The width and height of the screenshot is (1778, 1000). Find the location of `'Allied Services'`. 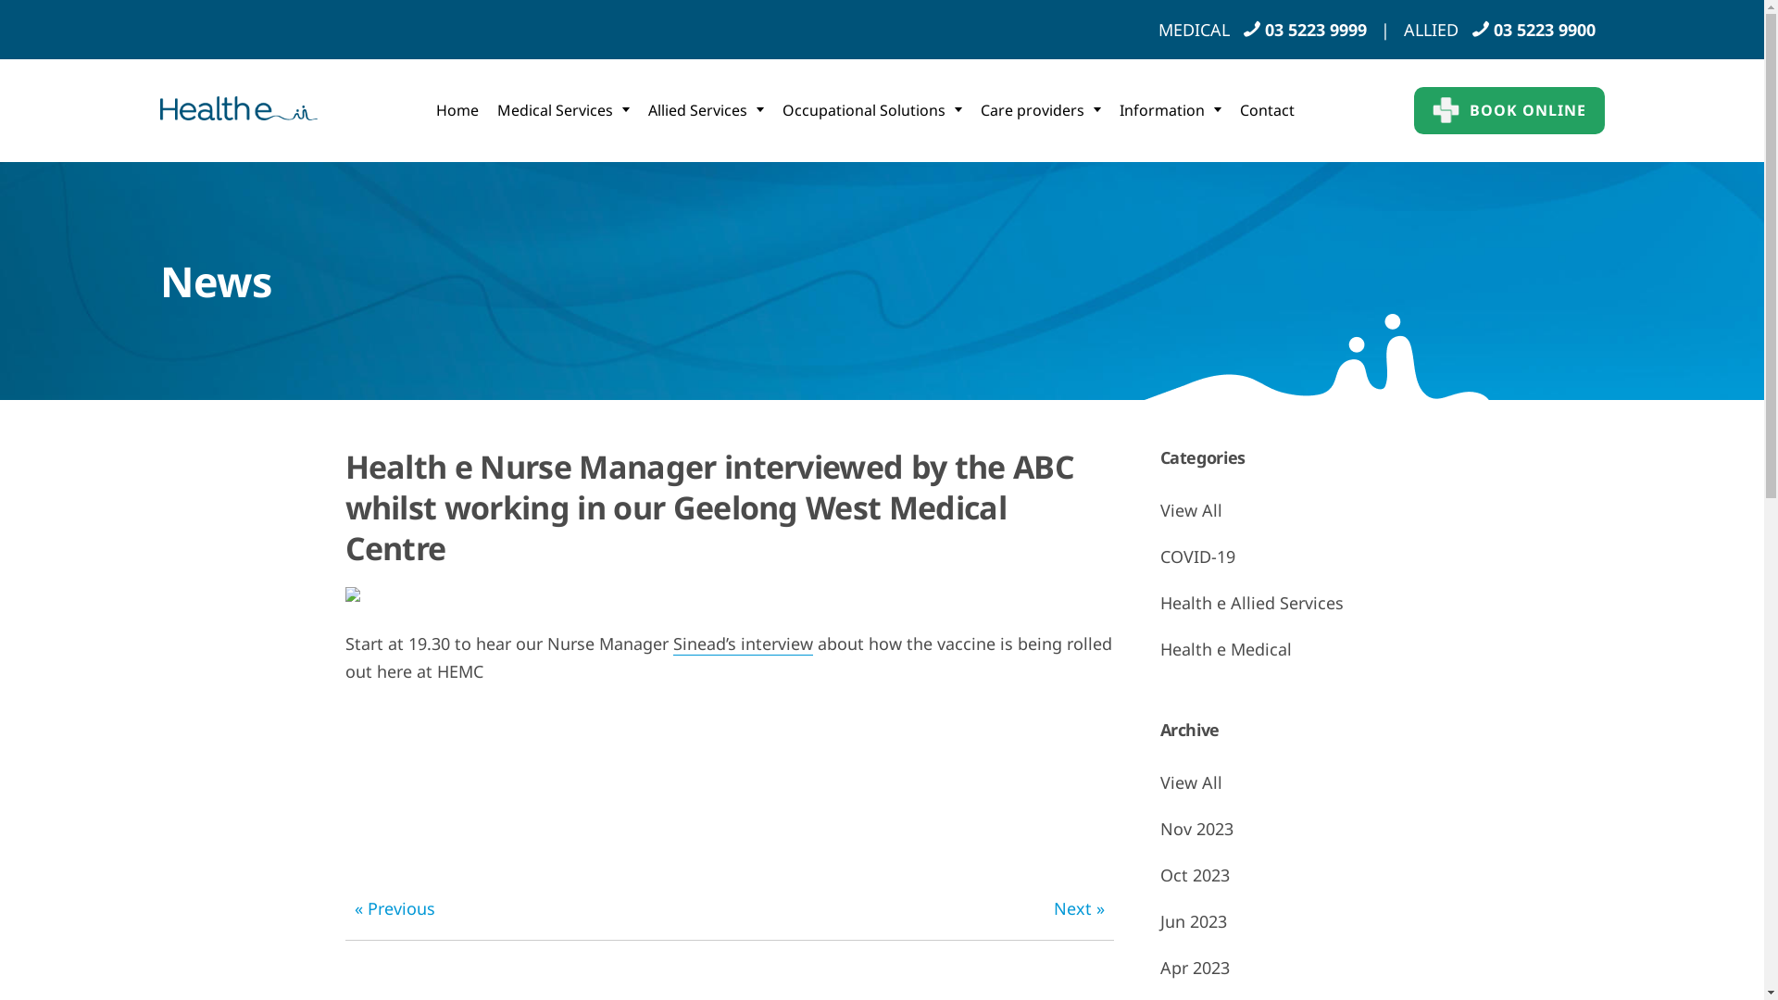

'Allied Services' is located at coordinates (705, 110).